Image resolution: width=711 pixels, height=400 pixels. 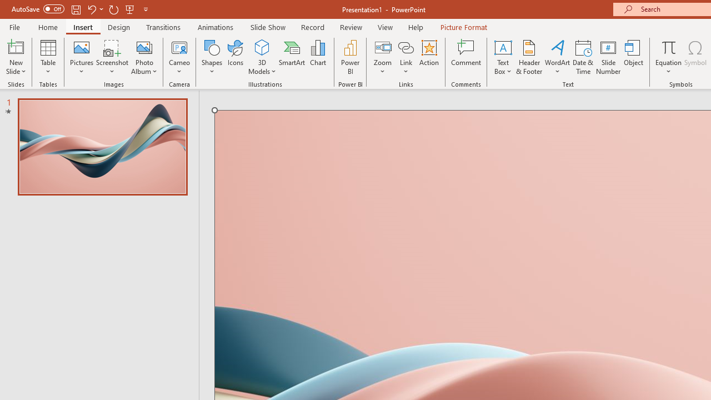 What do you see at coordinates (350, 57) in the screenshot?
I see `'Power BI'` at bounding box center [350, 57].